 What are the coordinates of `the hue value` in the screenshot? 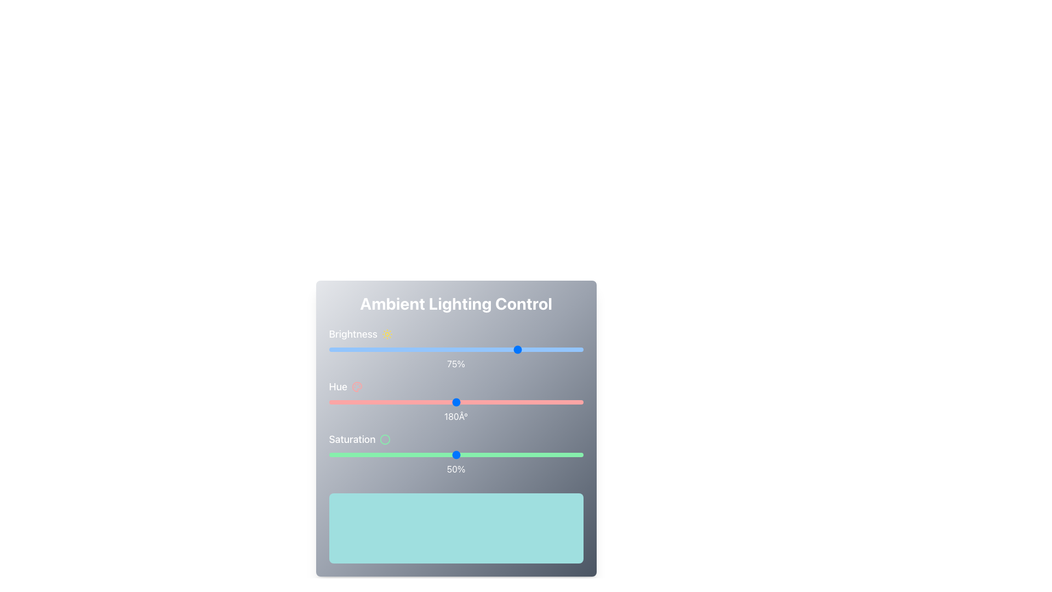 It's located at (446, 402).